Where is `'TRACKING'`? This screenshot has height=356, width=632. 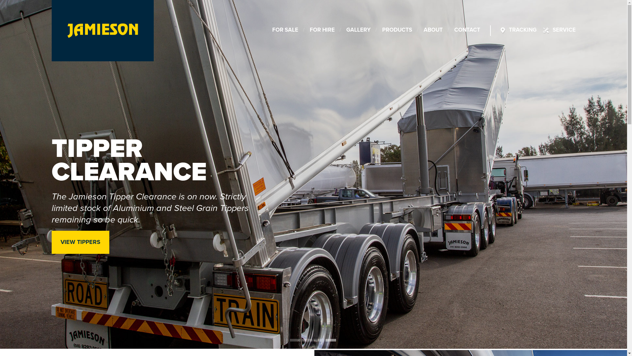
'TRACKING' is located at coordinates (522, 30).